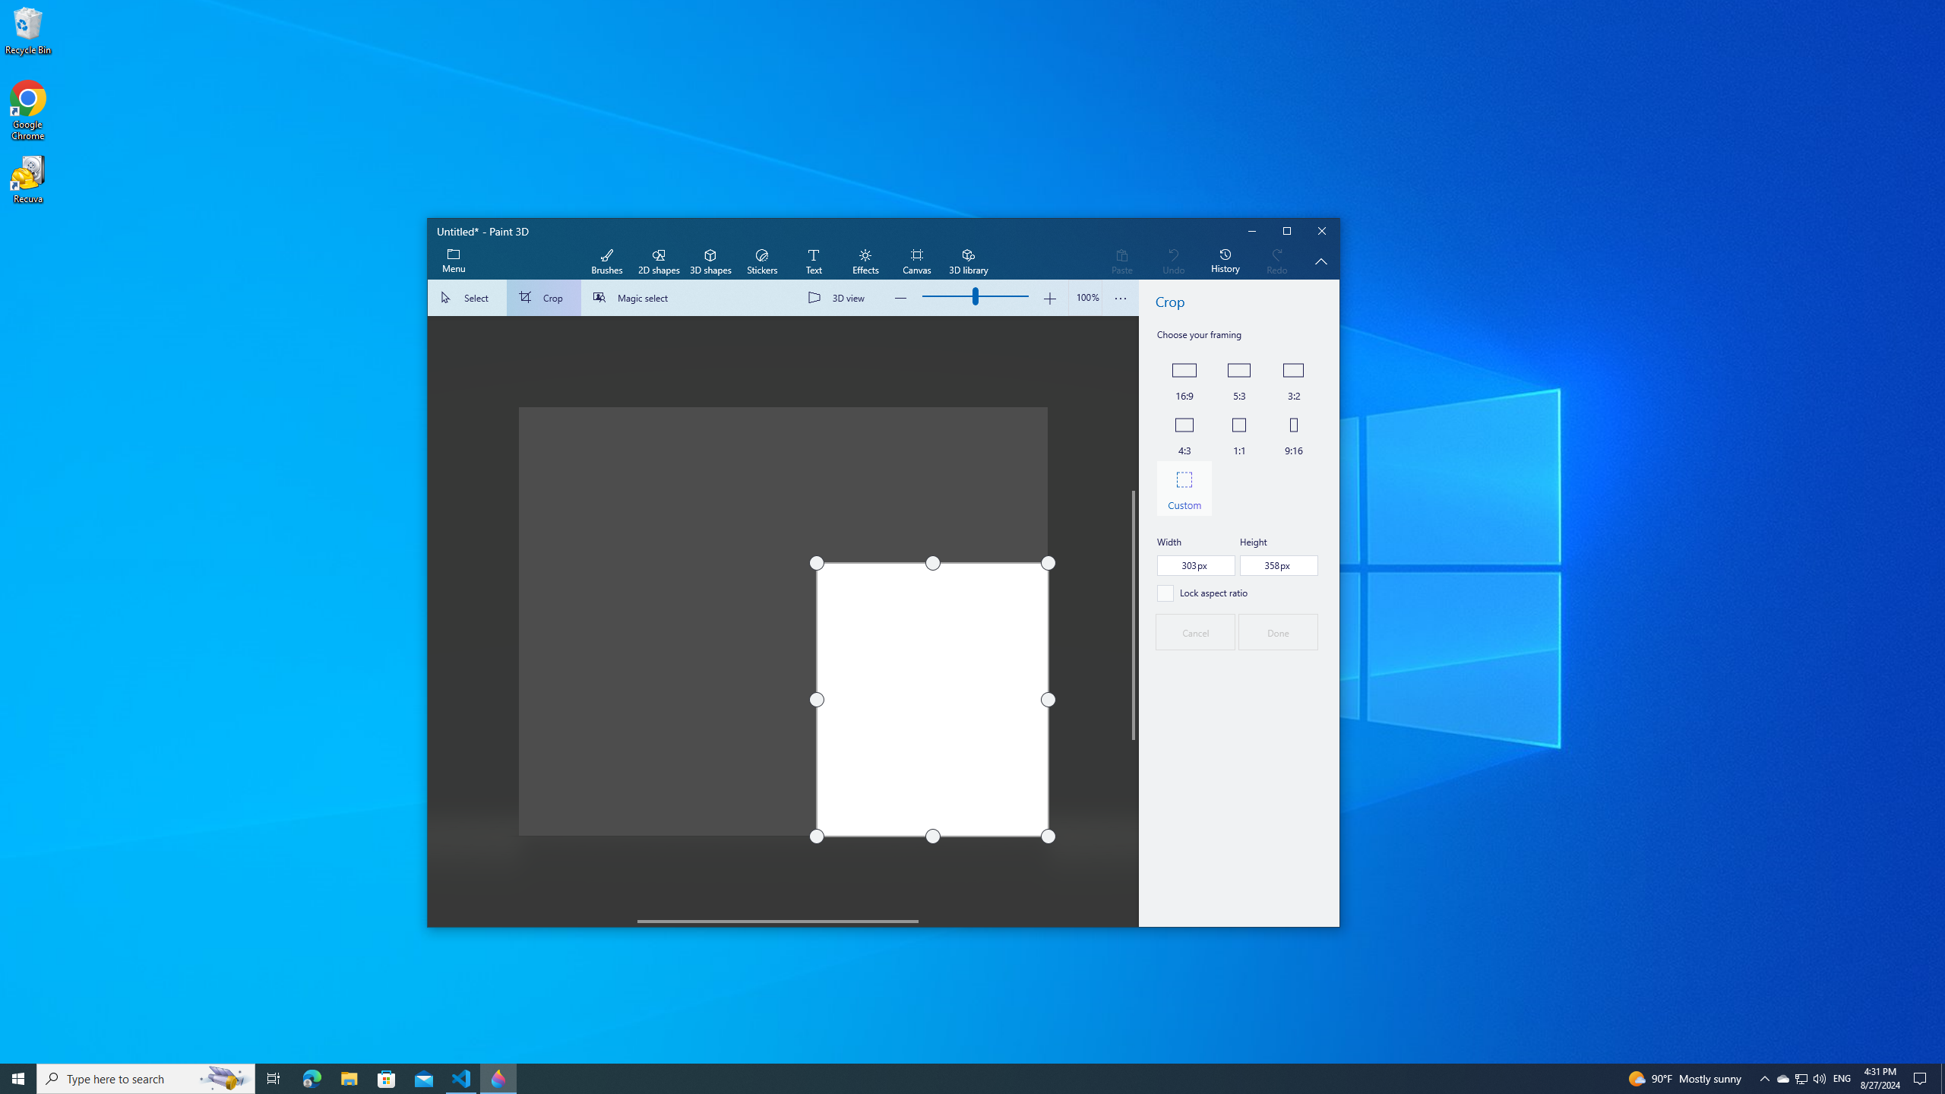 This screenshot has height=1094, width=1945. I want to click on 'Hide description', so click(1320, 261).